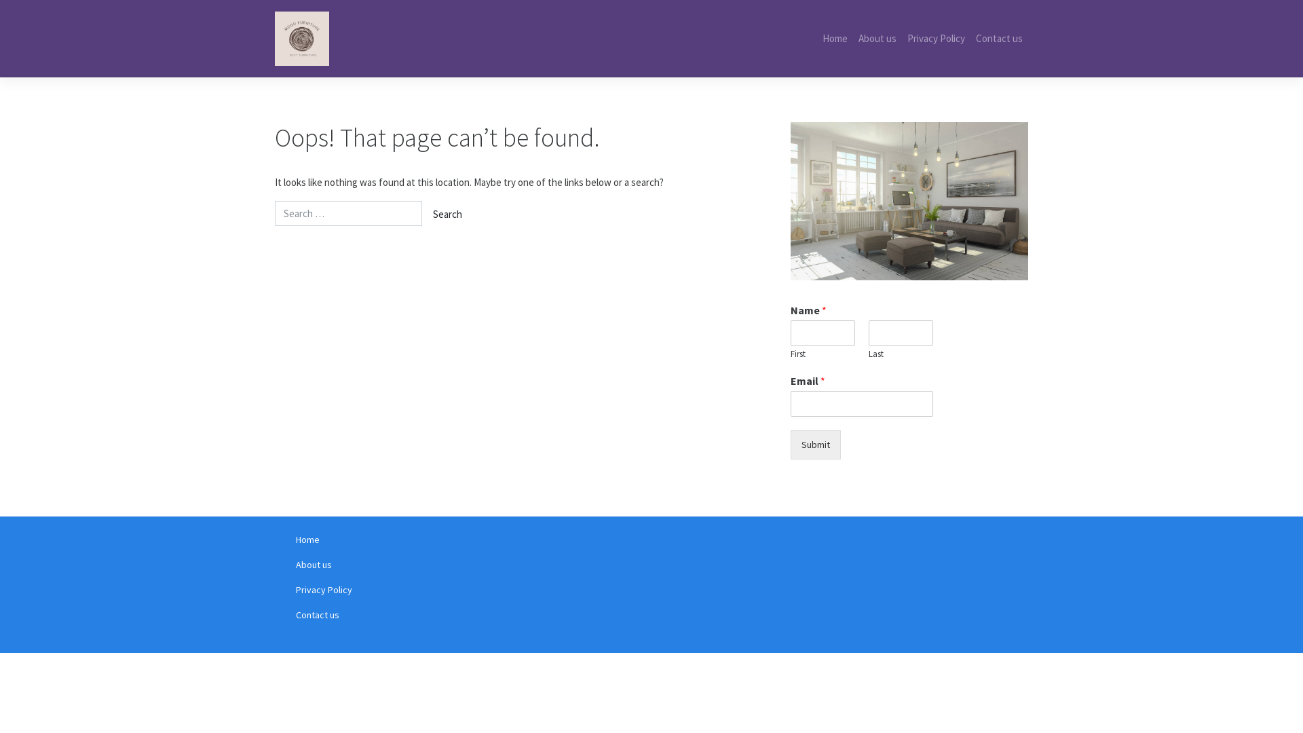  Describe the element at coordinates (447, 214) in the screenshot. I see `'Search'` at that location.